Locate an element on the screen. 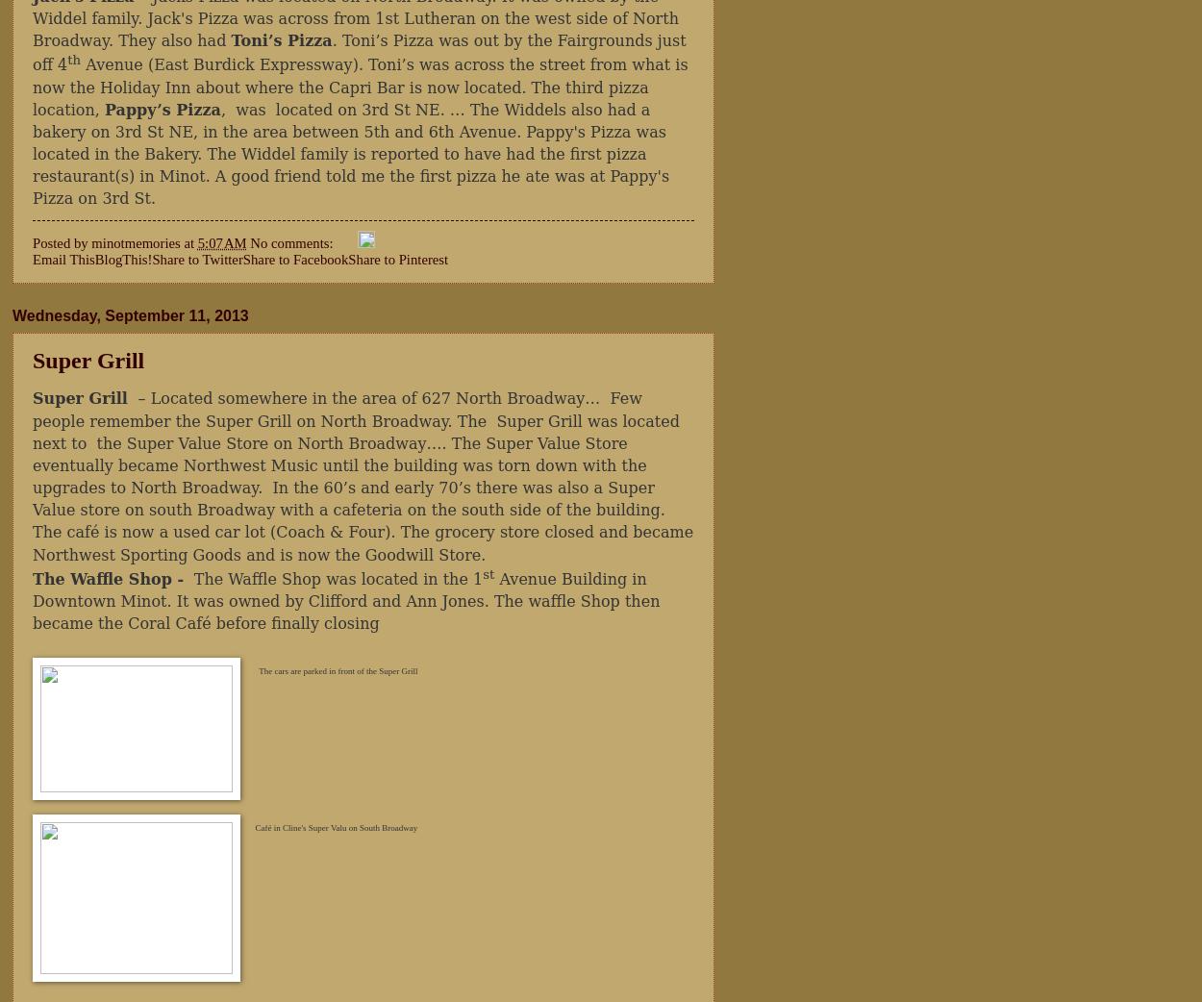  'Share to Facebook' is located at coordinates (242, 259).